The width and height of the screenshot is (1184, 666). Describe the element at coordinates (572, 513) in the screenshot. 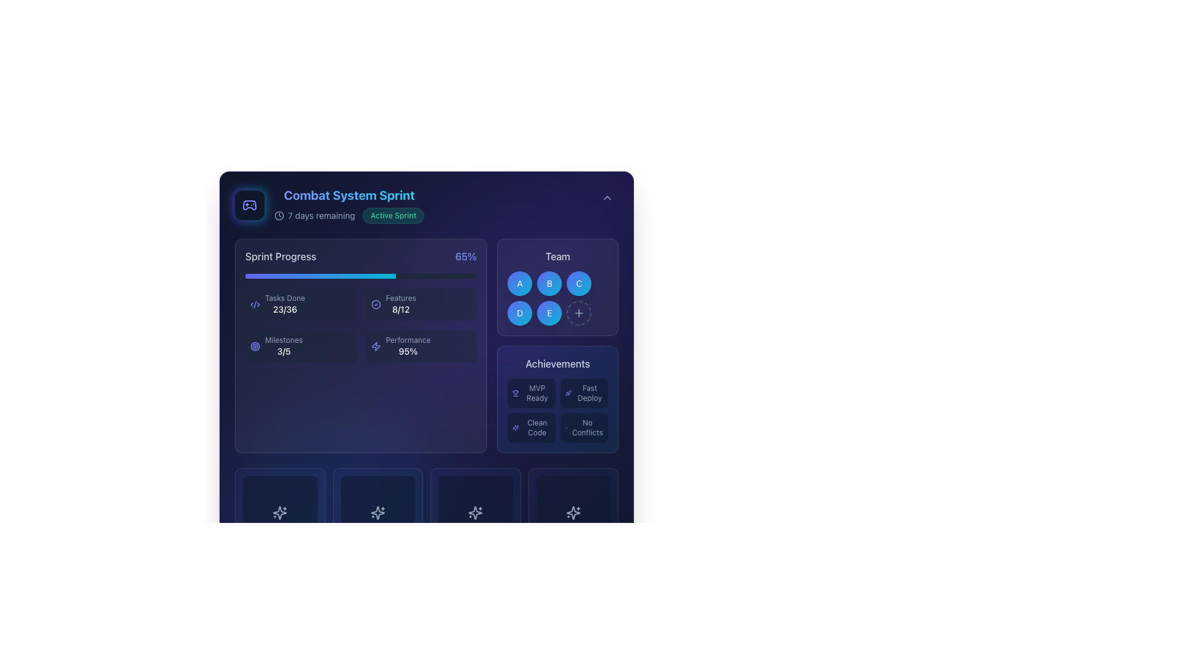

I see `the sparkles SVG icon located in the second row, last column of the grid below the 'Achievements' section` at that location.